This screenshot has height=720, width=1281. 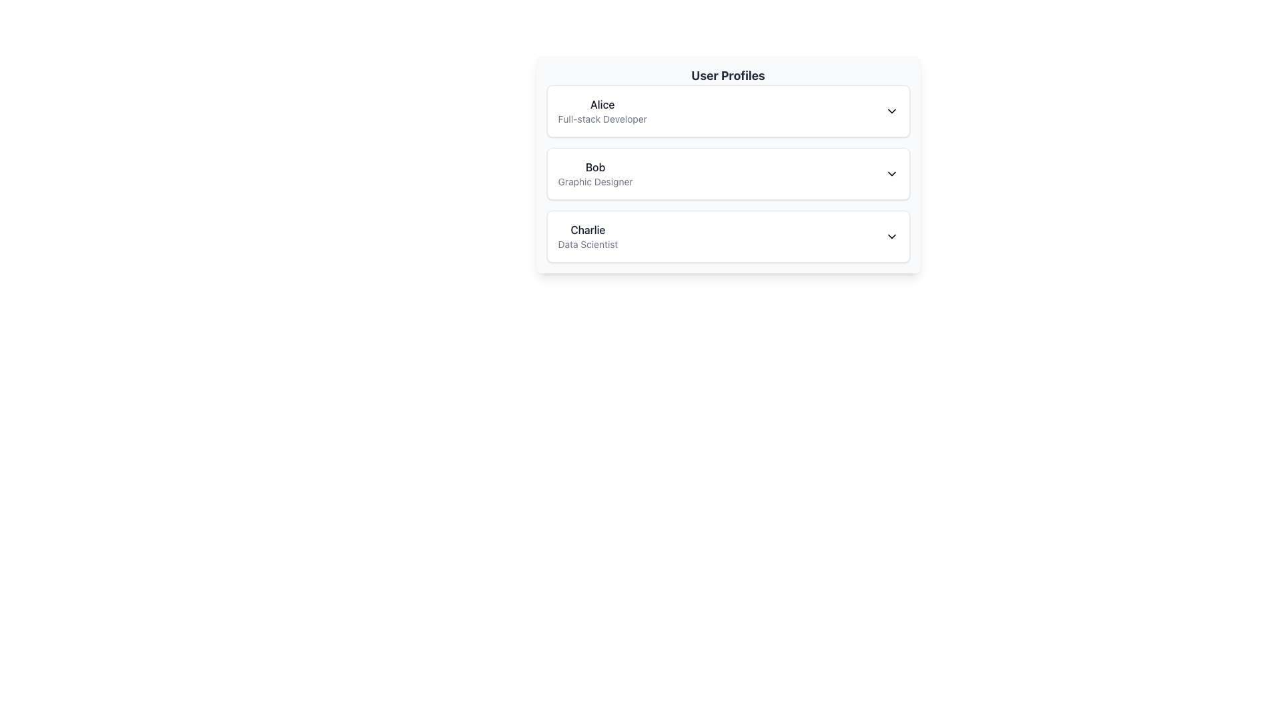 What do you see at coordinates (594, 173) in the screenshot?
I see `the text label displaying the user's name and occupation in the second user profile card, located beneath the card with 'Alice' and above the card with 'Charlie'` at bounding box center [594, 173].